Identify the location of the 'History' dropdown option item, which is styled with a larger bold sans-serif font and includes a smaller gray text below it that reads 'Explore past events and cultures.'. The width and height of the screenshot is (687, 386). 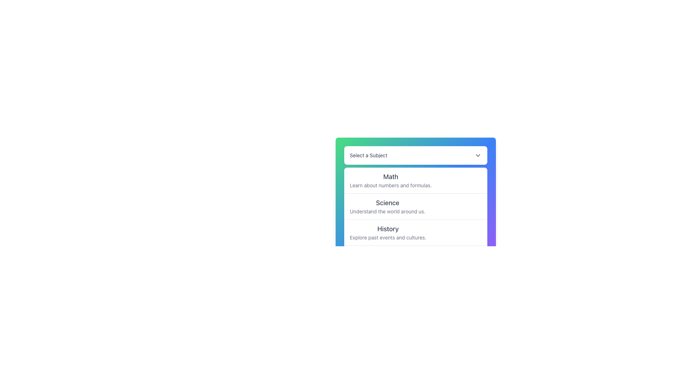
(388, 233).